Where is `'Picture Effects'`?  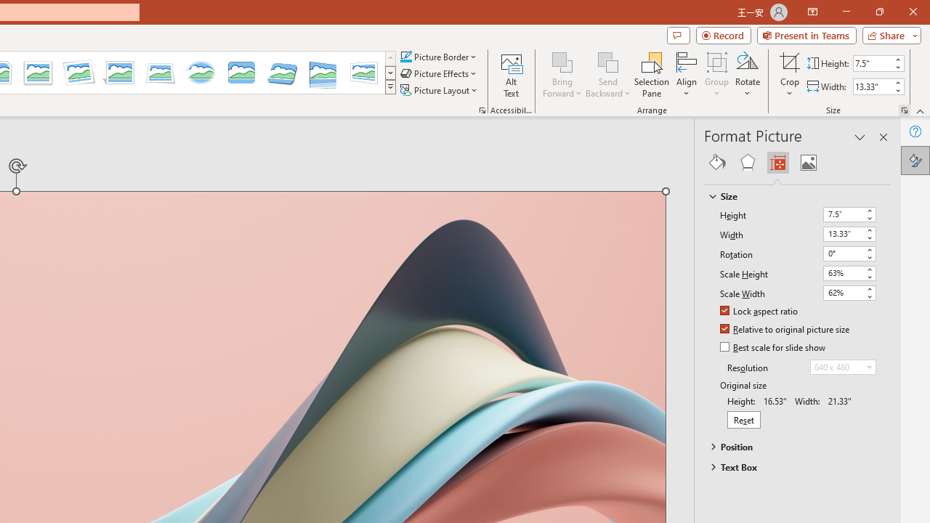
'Picture Effects' is located at coordinates (439, 73).